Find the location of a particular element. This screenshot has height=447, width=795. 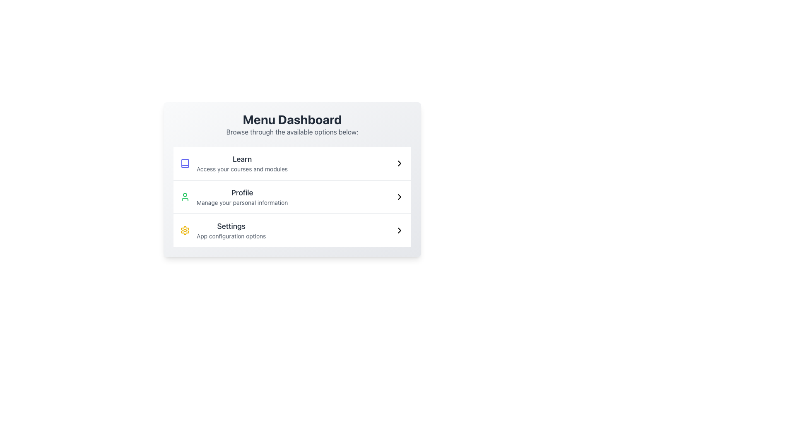

the bold 'Profile' text label located in the second row of the 'Menu Dashboard' interface, which is styled in dark gray and serves as the title for the Profile section is located at coordinates (242, 193).